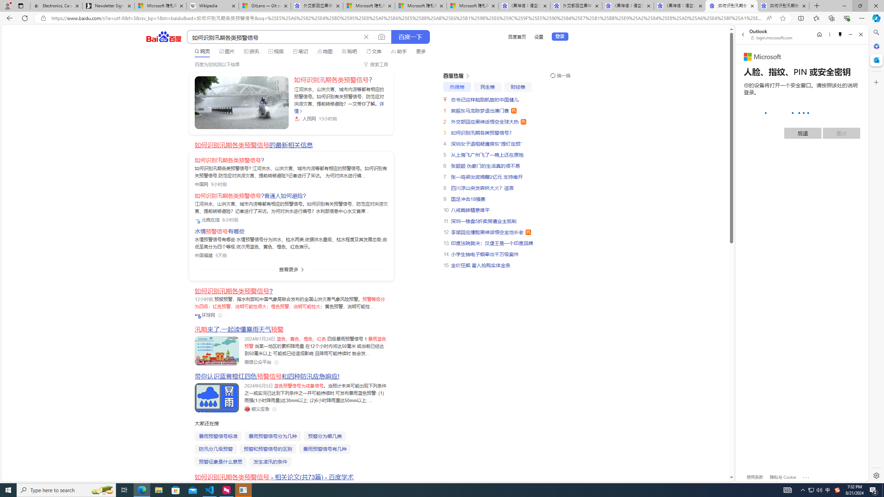  What do you see at coordinates (212, 6) in the screenshot?
I see `'Wikipedia'` at bounding box center [212, 6].